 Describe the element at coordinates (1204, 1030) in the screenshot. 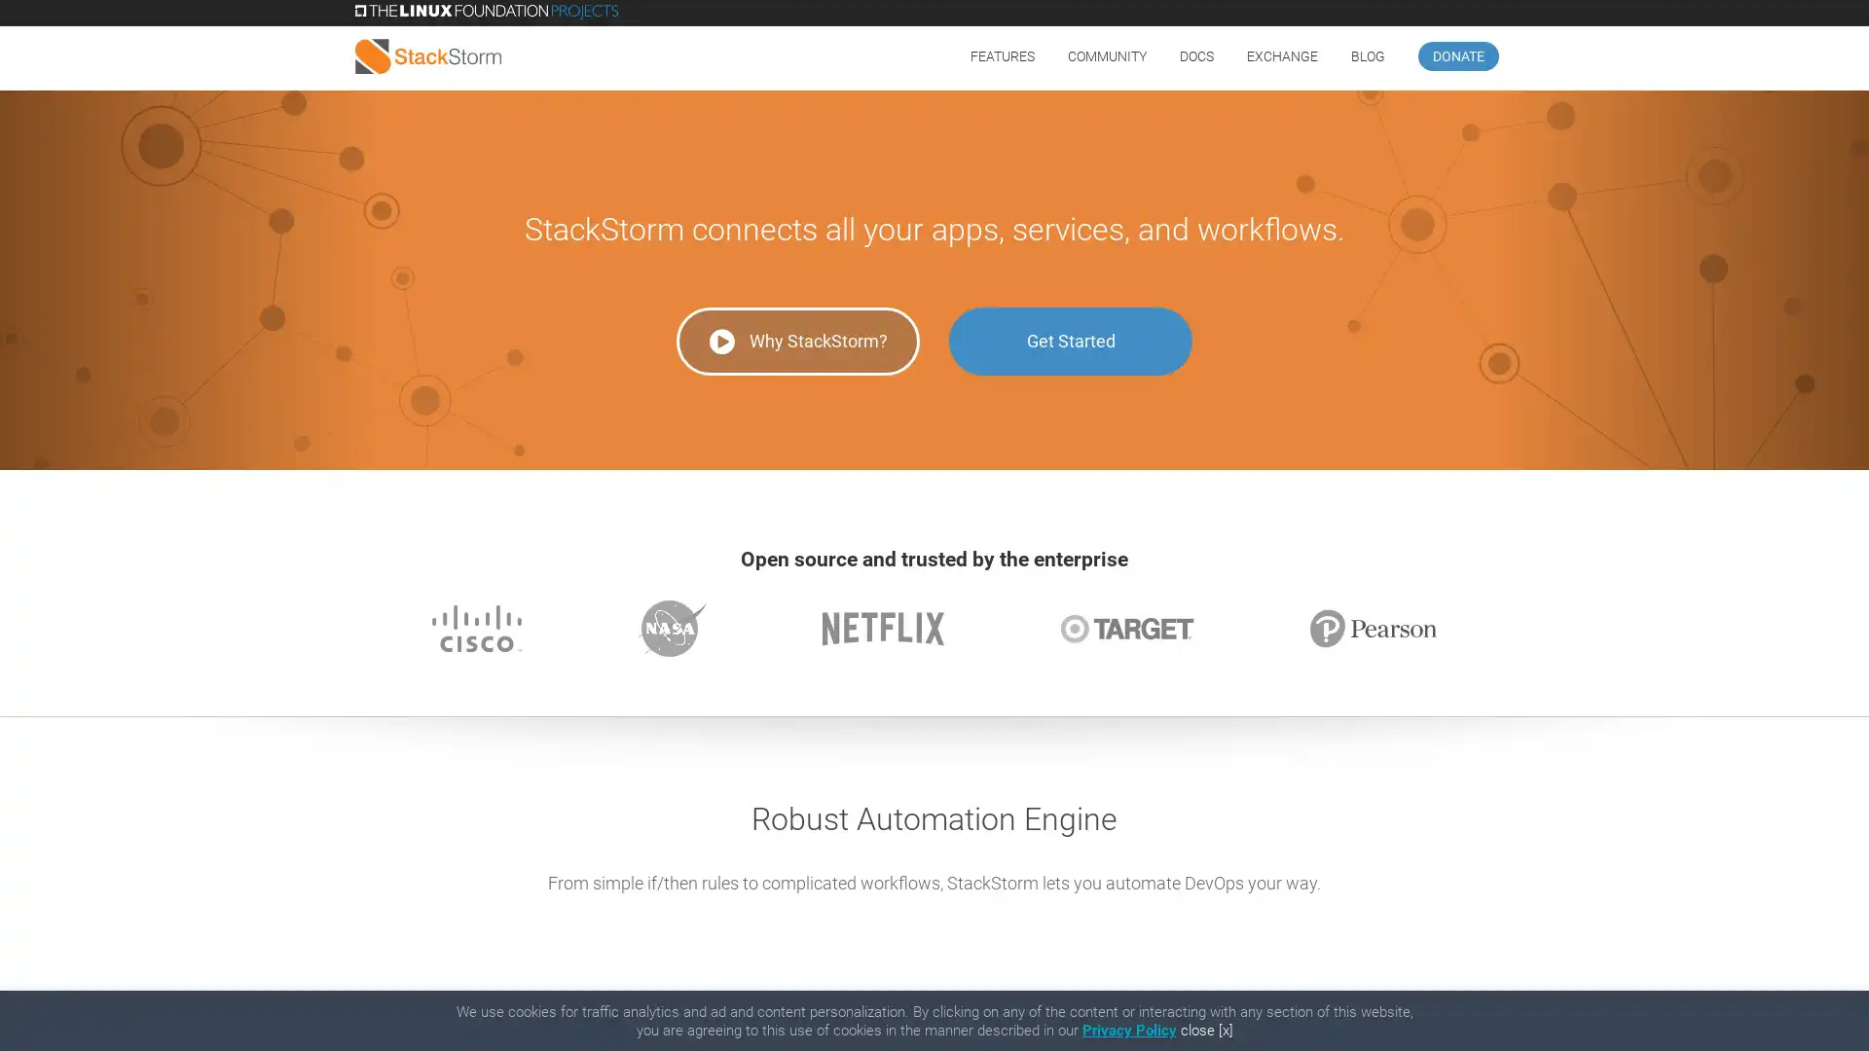

I see `close [x]` at that location.